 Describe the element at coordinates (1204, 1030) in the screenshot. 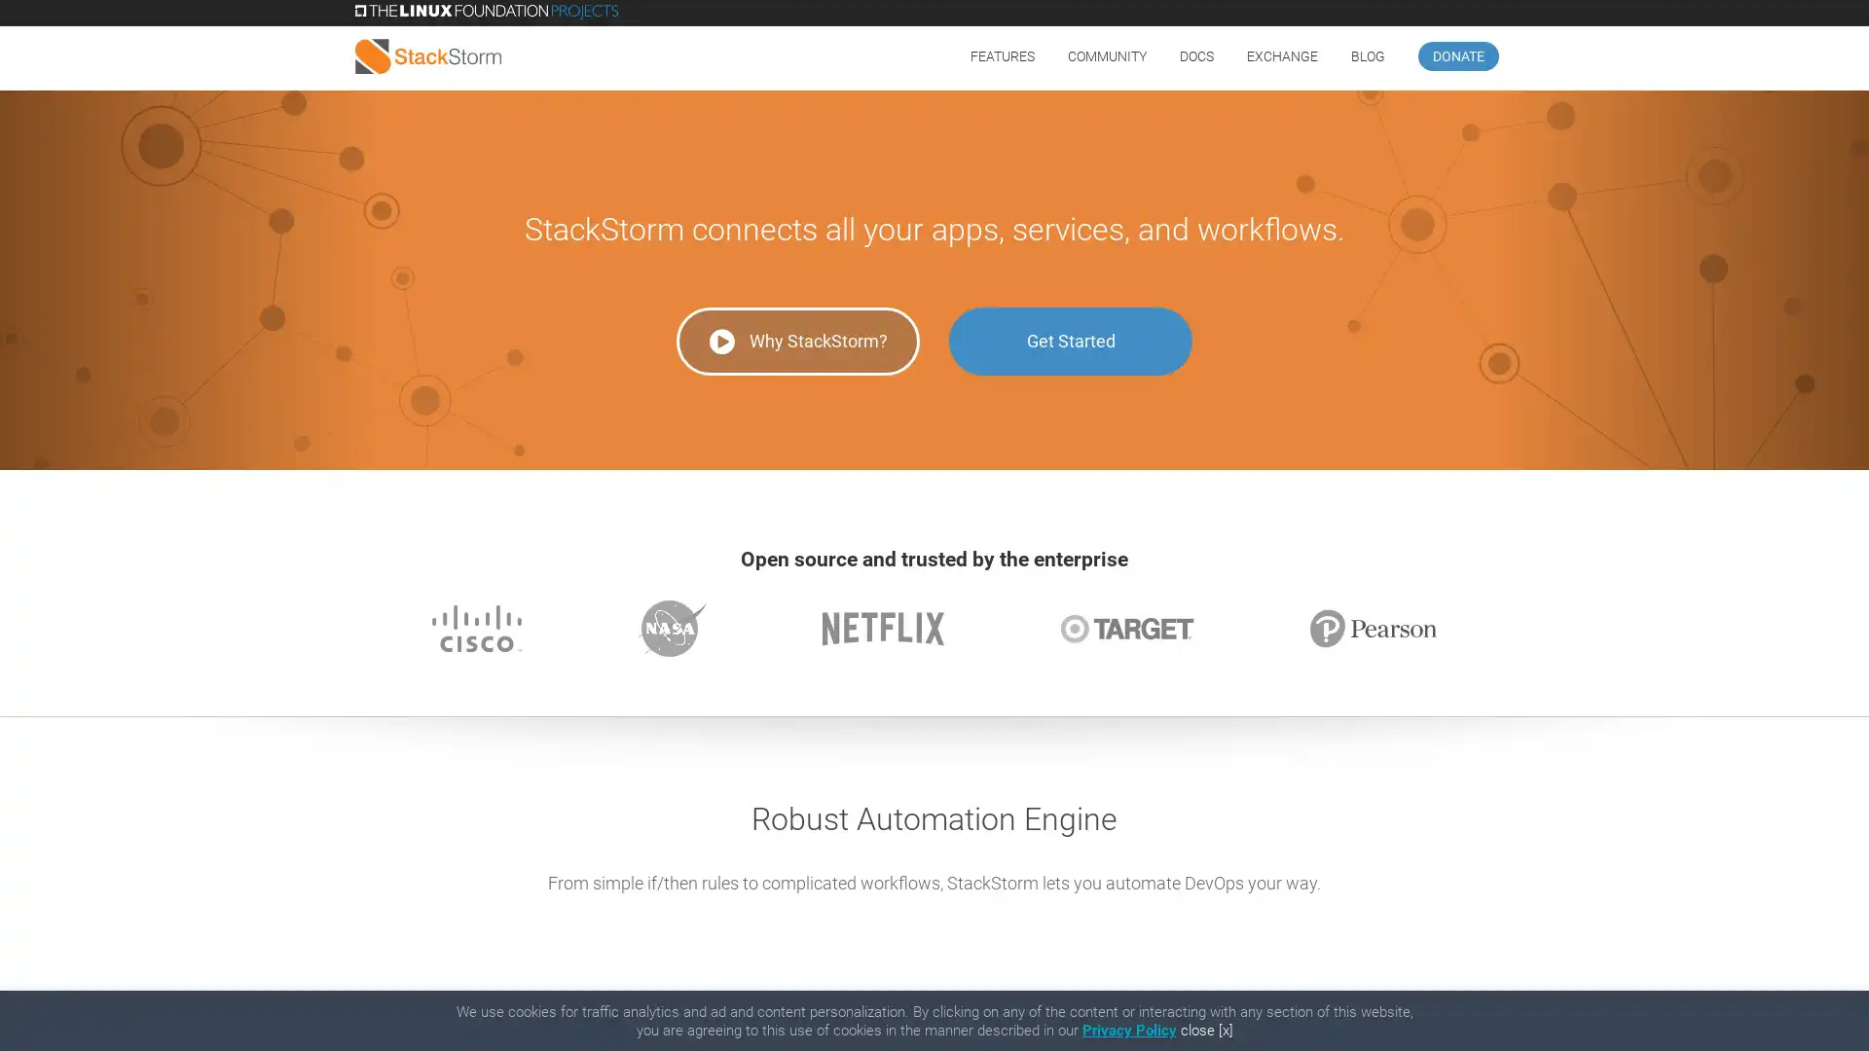

I see `close [x]` at that location.